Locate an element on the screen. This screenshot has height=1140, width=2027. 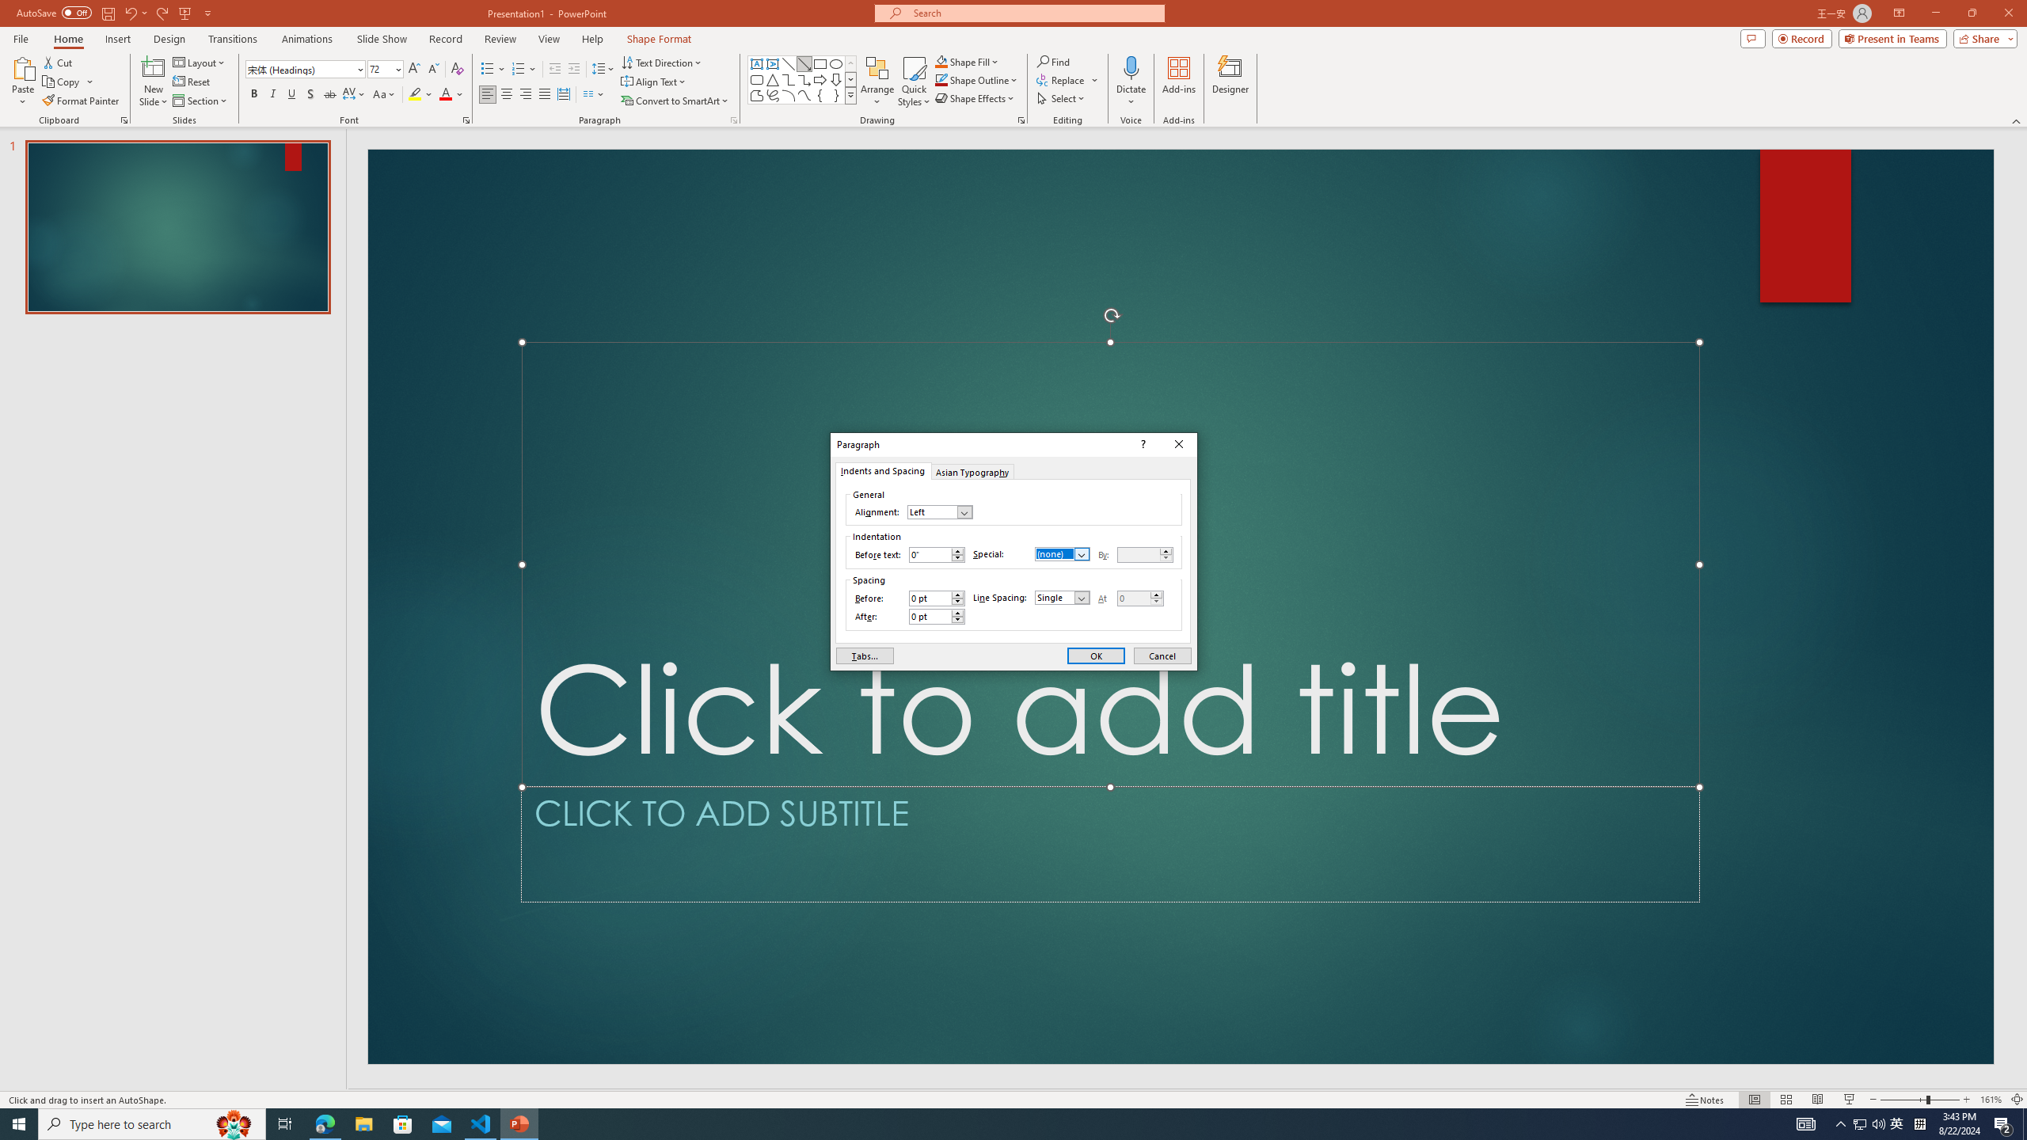
'More' is located at coordinates (1155, 594).